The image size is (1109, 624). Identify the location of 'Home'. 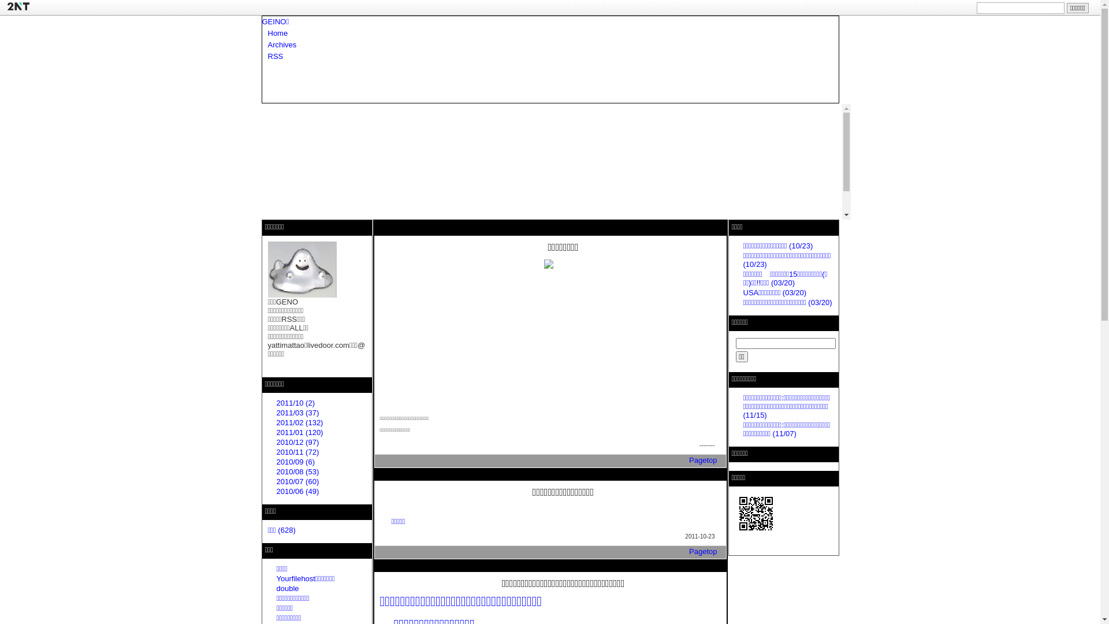
(278, 32).